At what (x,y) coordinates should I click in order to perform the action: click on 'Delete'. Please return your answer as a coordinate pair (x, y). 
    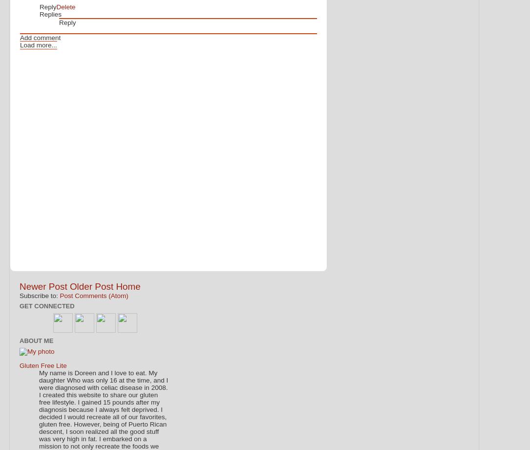
    Looking at the image, I should click on (65, 7).